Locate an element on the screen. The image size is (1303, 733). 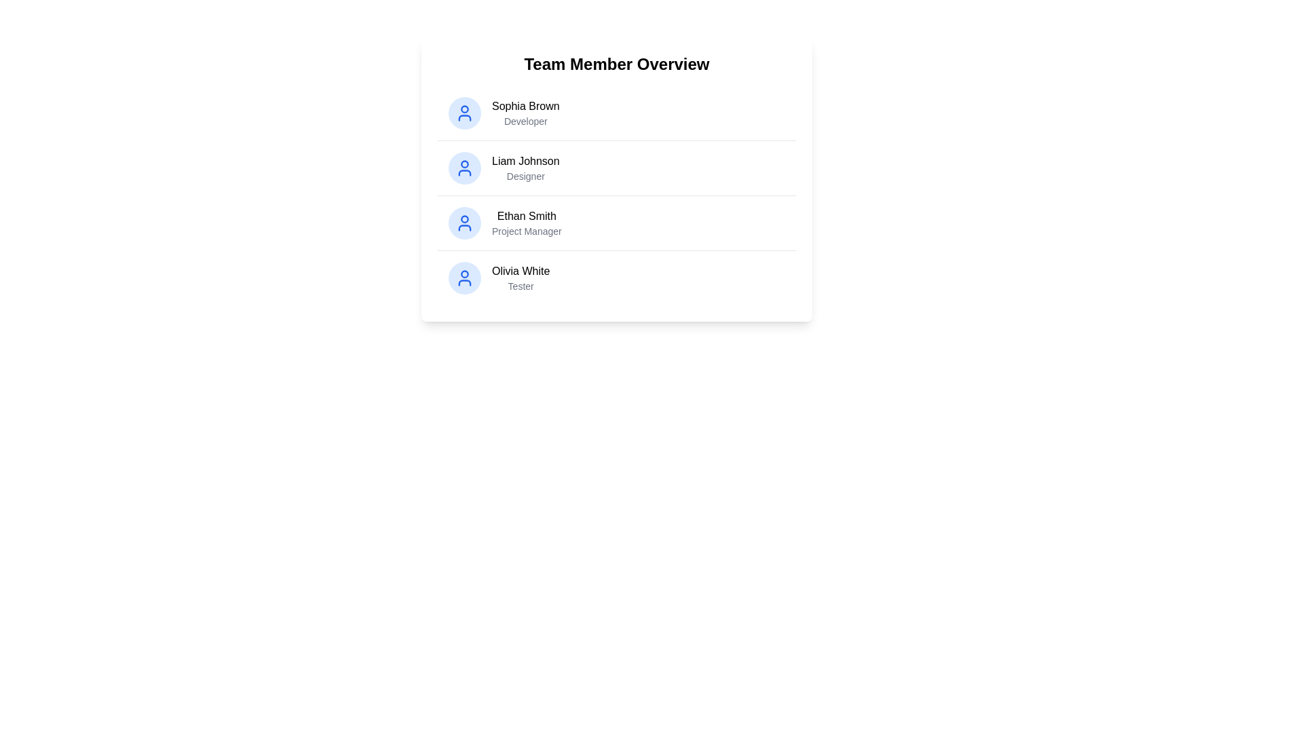
text content of the Text Information Block displaying 'Ethan Smith' and 'Project Manager' located in the third row of the 'Team Member Overview' card is located at coordinates (526, 222).